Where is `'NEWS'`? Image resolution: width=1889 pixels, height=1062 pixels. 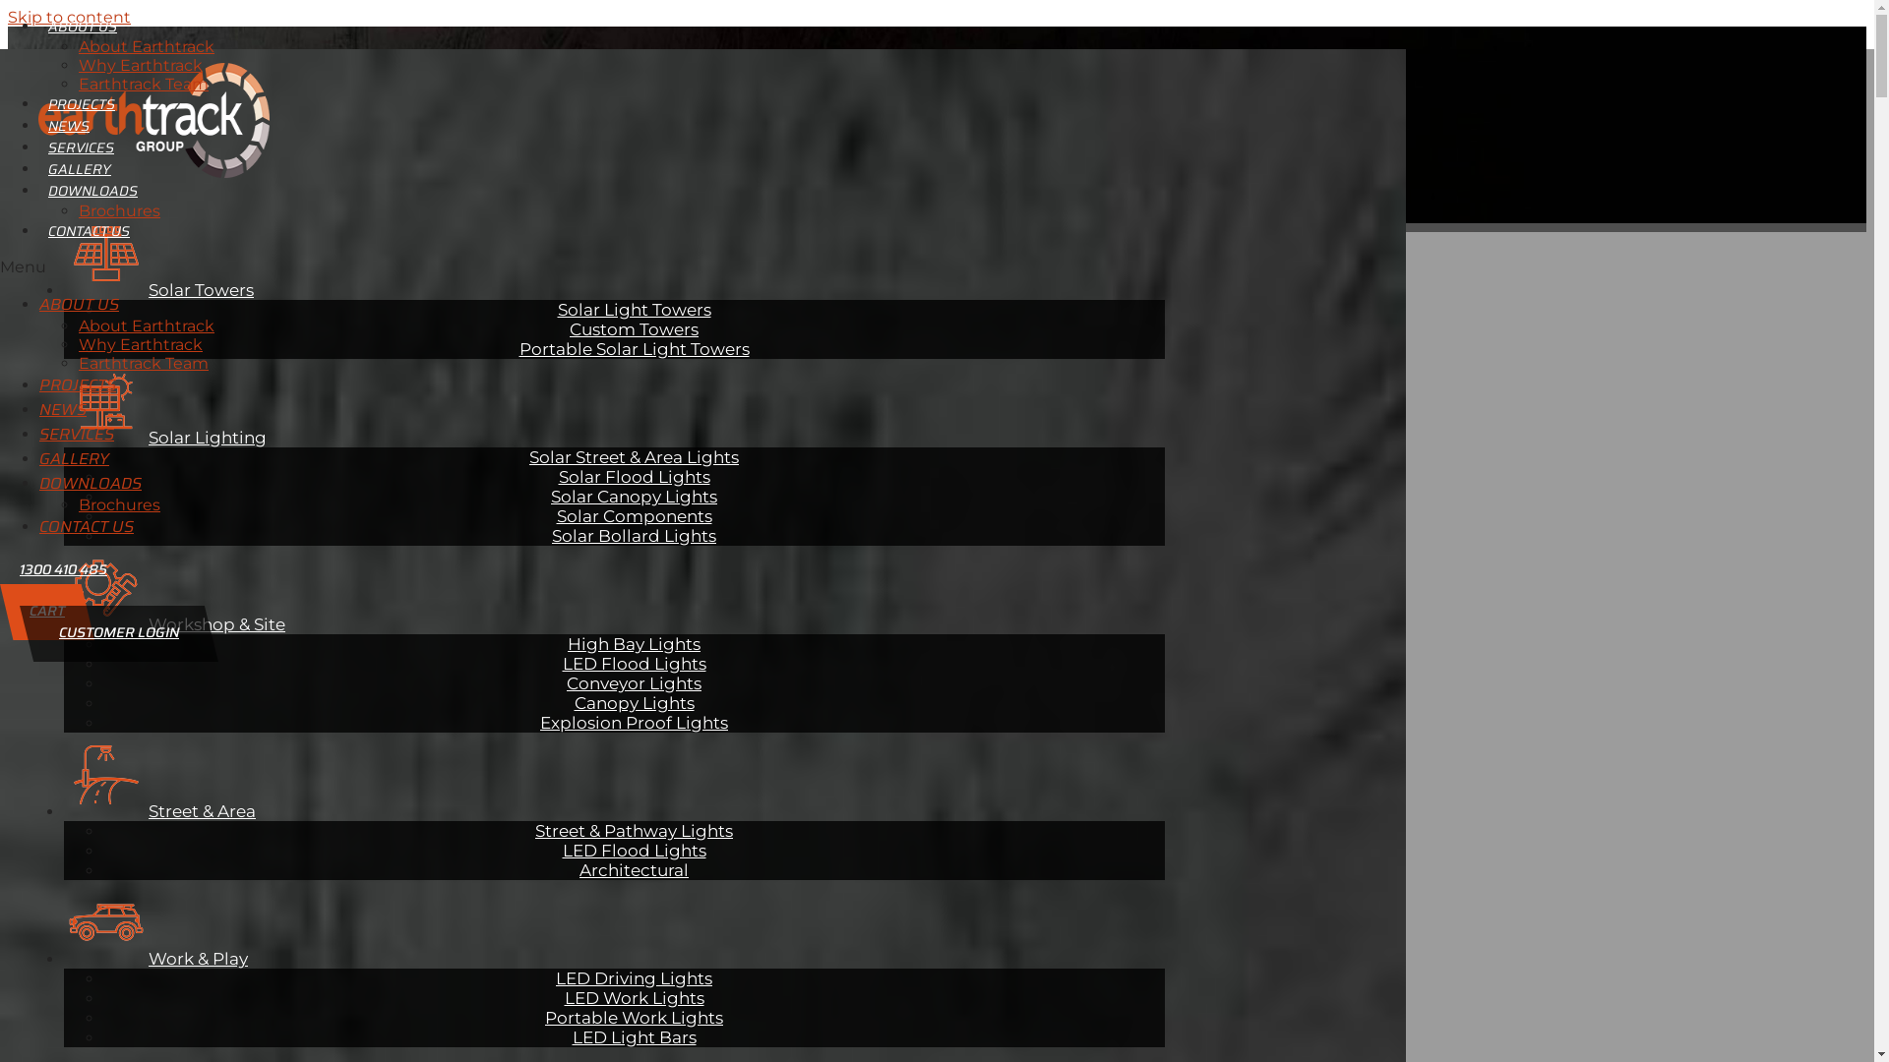 'NEWS' is located at coordinates (38, 125).